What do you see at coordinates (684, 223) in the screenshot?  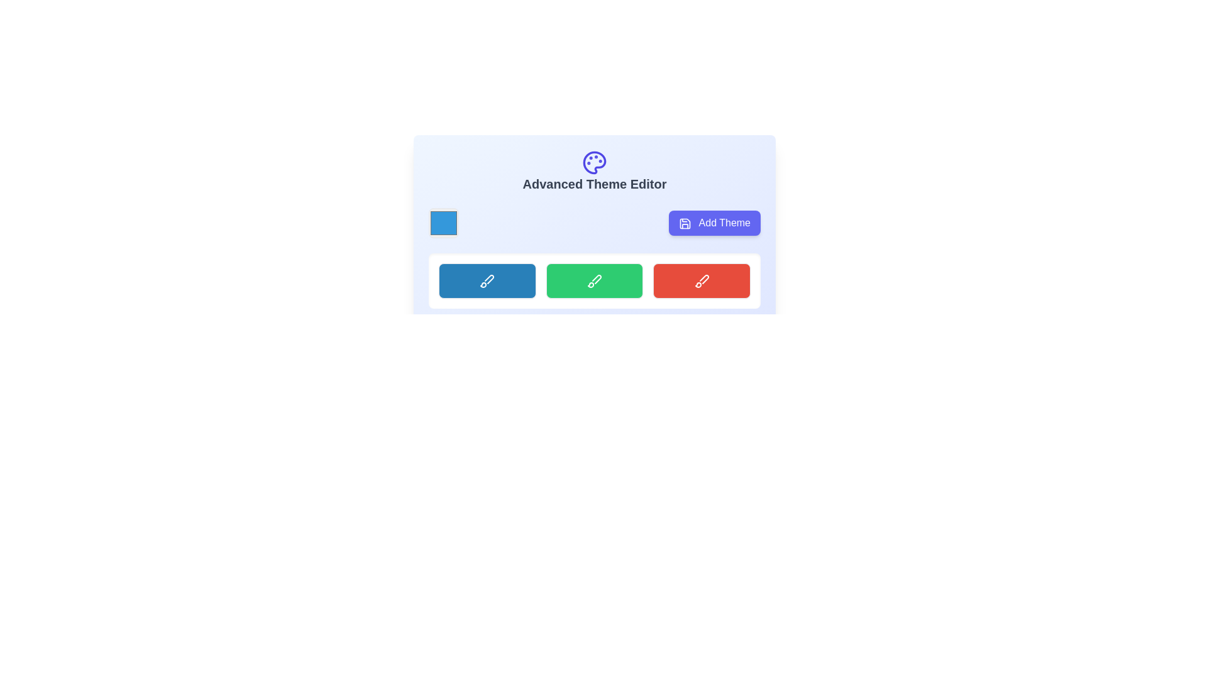 I see `the icon within the 'Add Theme' button located at the top right area of the interface, which enables the functionality` at bounding box center [684, 223].